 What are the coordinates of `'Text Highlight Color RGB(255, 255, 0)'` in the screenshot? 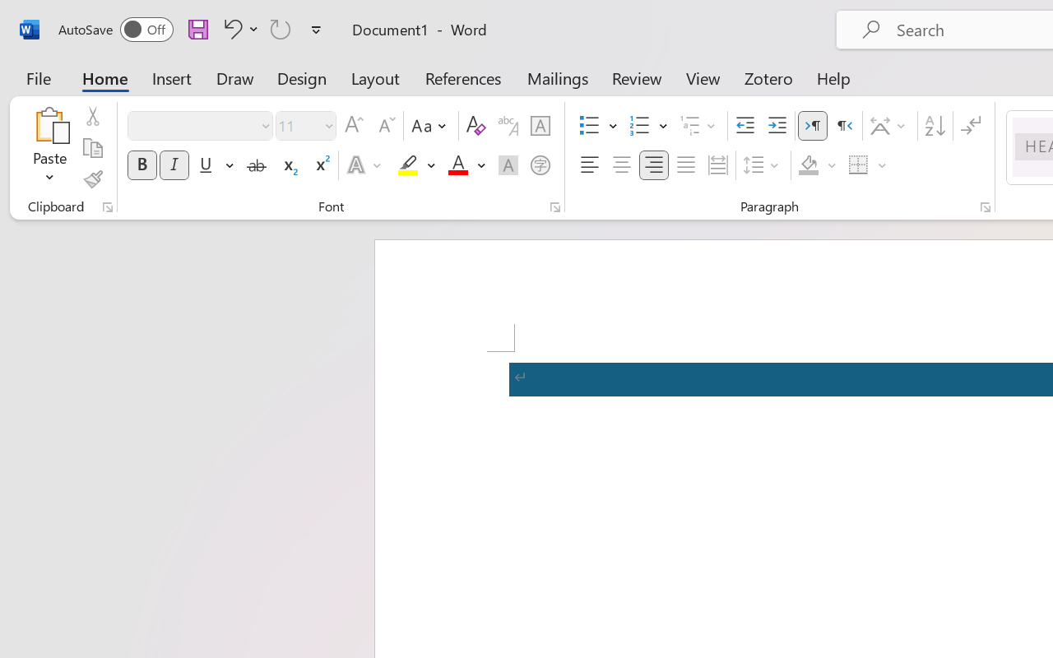 It's located at (408, 165).